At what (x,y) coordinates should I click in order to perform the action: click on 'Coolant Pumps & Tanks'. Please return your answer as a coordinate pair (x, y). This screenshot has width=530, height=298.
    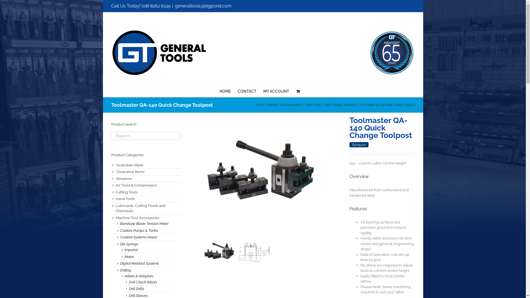
    Looking at the image, I should click on (119, 230).